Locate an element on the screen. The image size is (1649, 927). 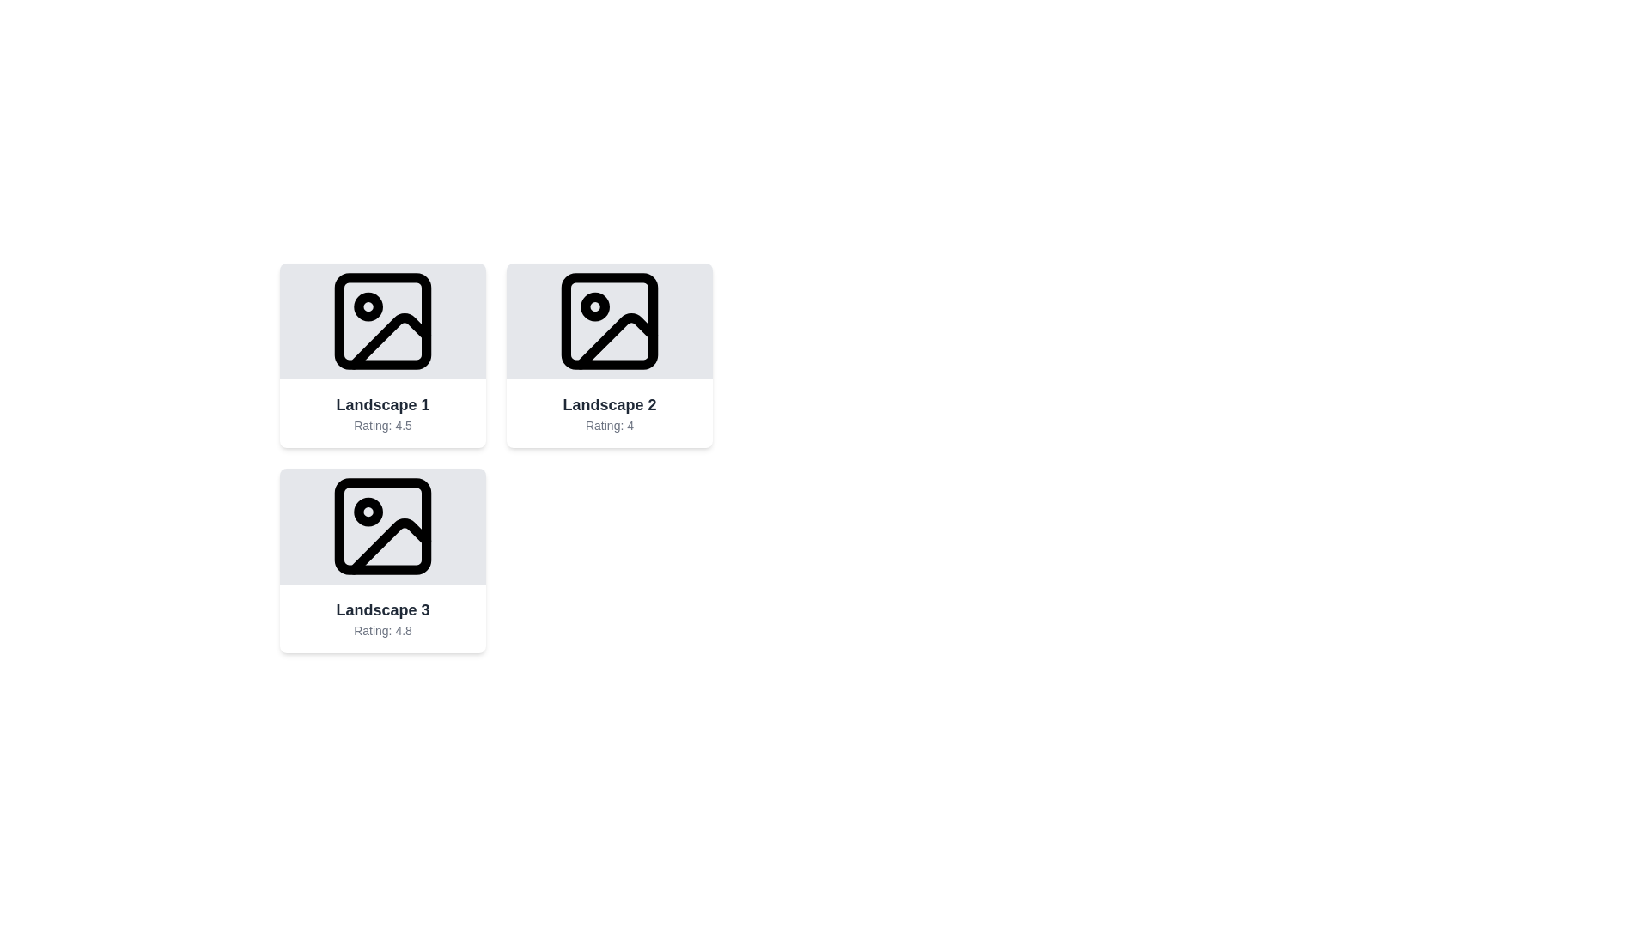
the decorative rectangle within the 'Landscape 2' card's SVG icon, which is centrally aligned in the icon area is located at coordinates (610, 321).